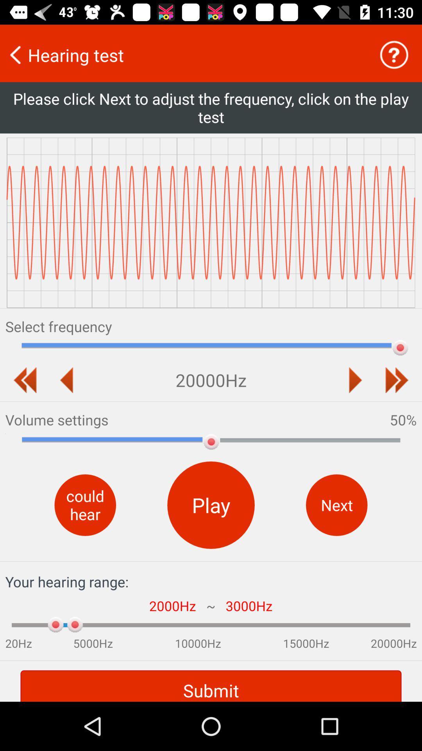 This screenshot has height=751, width=422. What do you see at coordinates (355, 380) in the screenshot?
I see `previous` at bounding box center [355, 380].